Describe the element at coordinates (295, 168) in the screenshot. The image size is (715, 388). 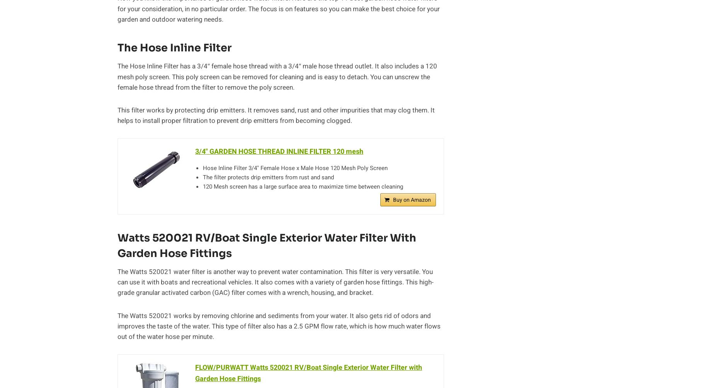
I see `'Hose Inline Filter 3/4" Female Hose x Male Hose 120 Mesh Poly Screen'` at that location.